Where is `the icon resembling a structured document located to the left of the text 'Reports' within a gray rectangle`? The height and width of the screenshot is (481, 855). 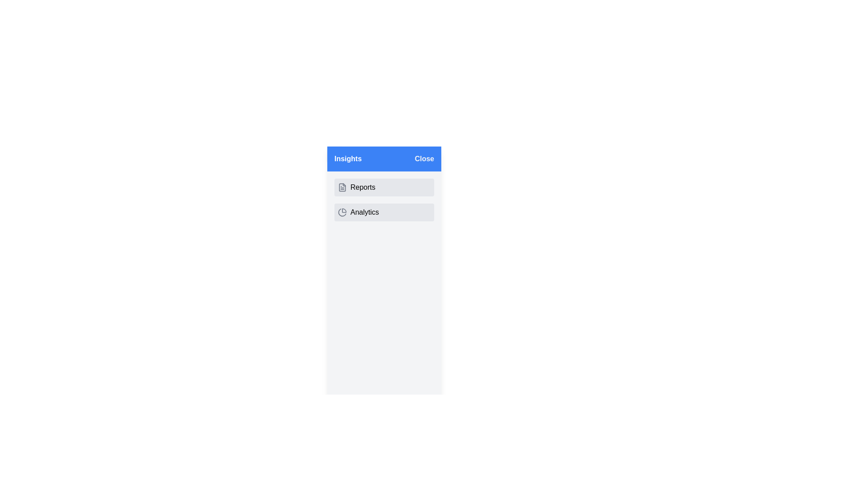 the icon resembling a structured document located to the left of the text 'Reports' within a gray rectangle is located at coordinates (342, 187).